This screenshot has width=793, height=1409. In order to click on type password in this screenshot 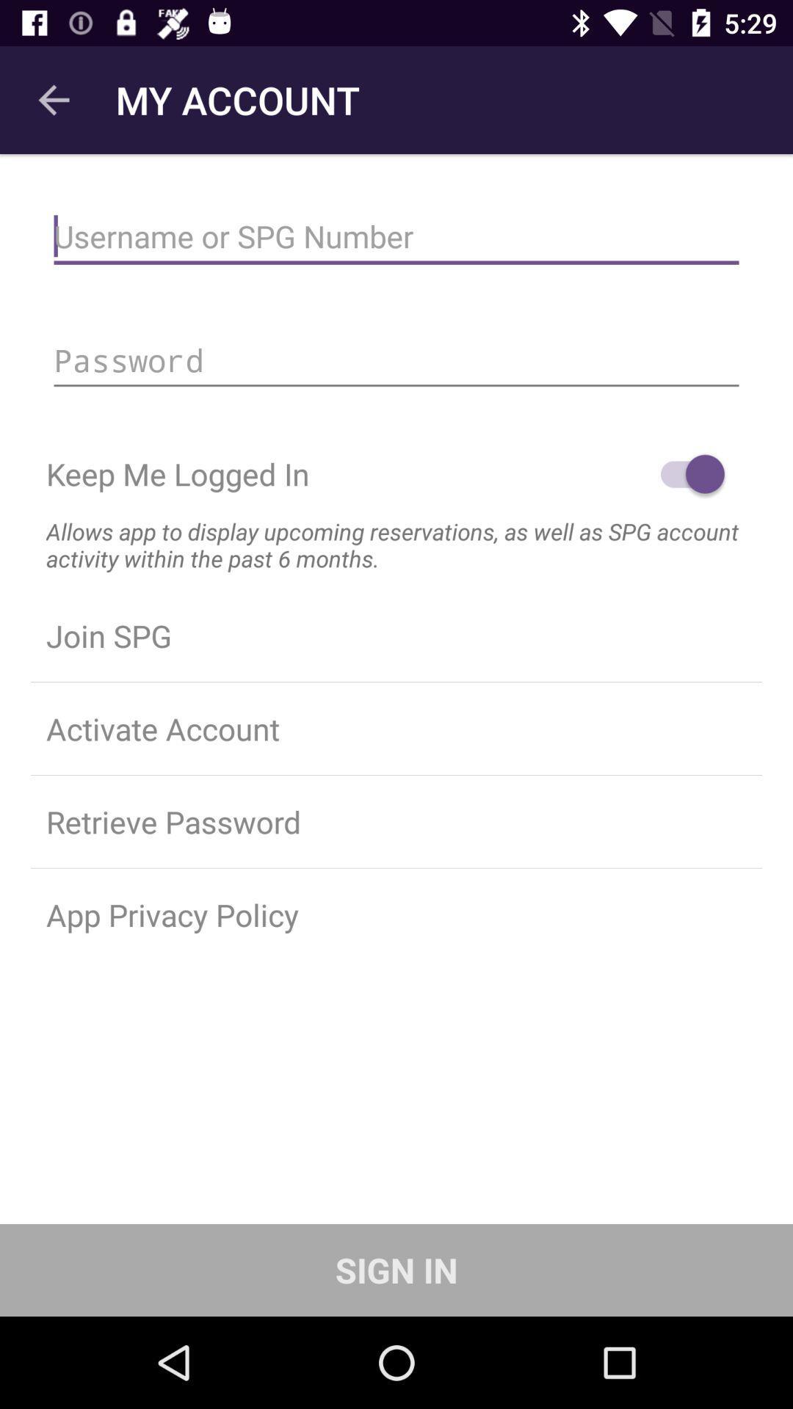, I will do `click(396, 360)`.